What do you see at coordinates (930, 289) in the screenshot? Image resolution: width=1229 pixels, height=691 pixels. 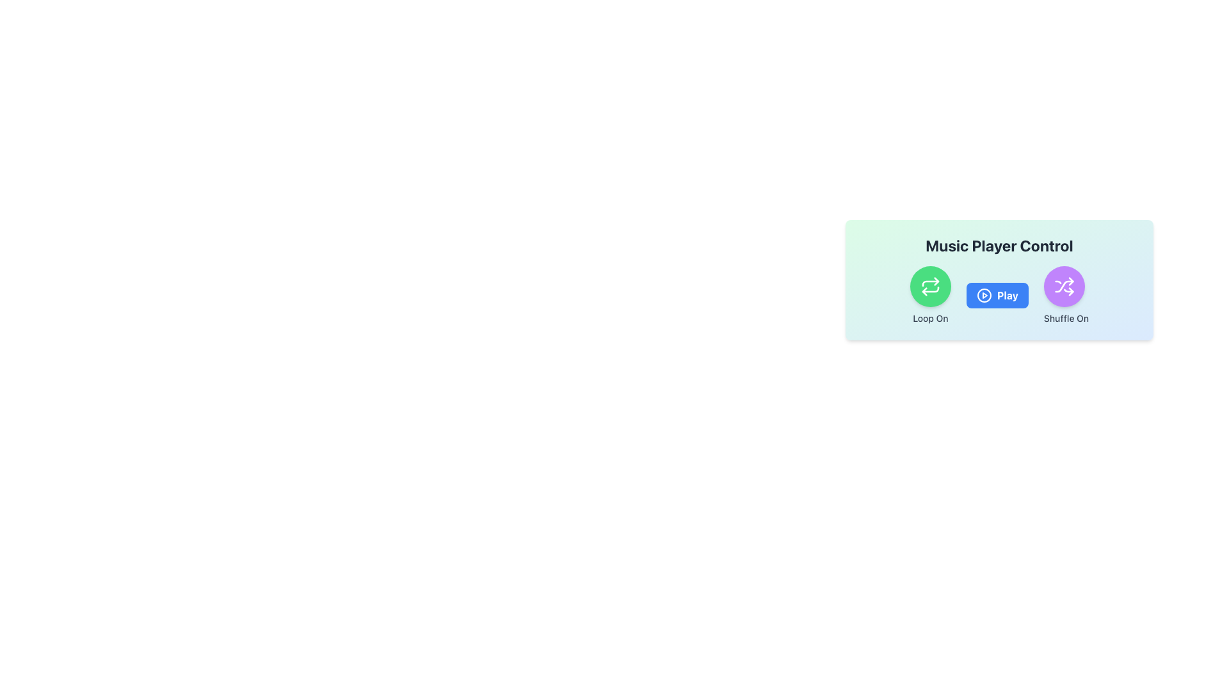 I see `the curved line segment of the 'repeat' or 'loop' icon located in the music player control panel on the left side of the three-icon arrangement` at bounding box center [930, 289].